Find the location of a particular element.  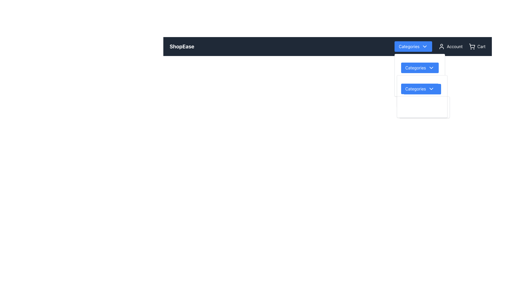

the dropdown menu trigger button located as the first interactive element in the navbar, before the 'Account' and 'Cart' links is located at coordinates (413, 46).